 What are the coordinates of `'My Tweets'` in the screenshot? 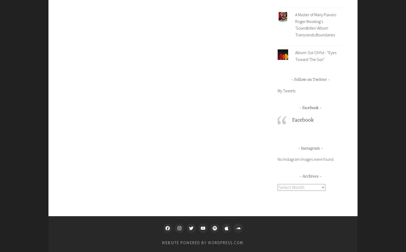 It's located at (286, 90).